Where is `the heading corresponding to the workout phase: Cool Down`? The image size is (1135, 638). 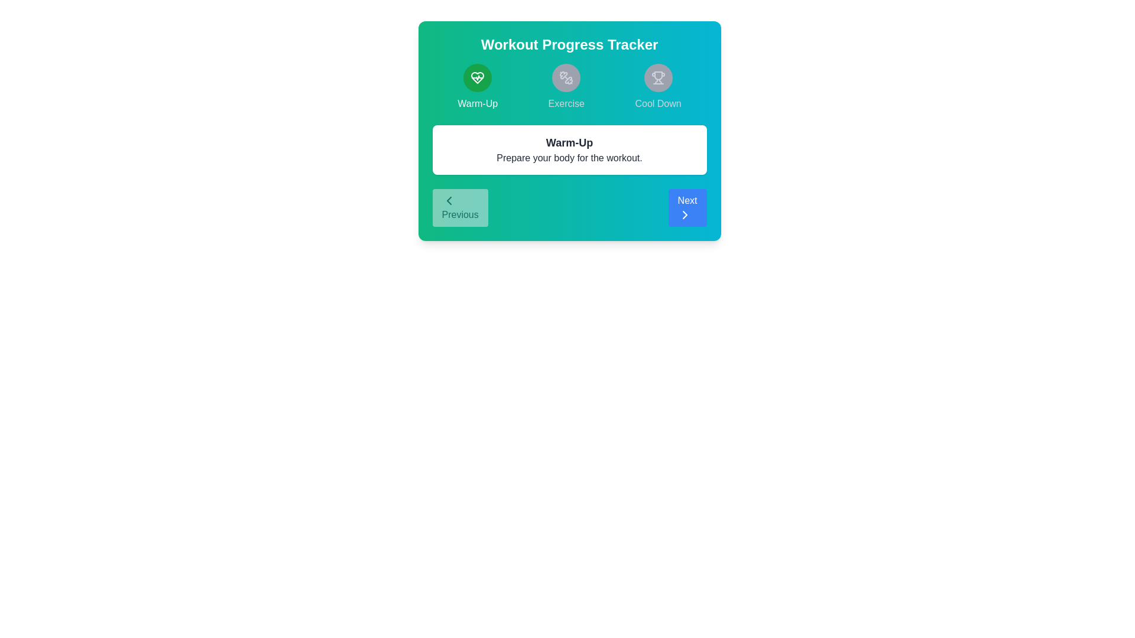
the heading corresponding to the workout phase: Cool Down is located at coordinates (657, 86).